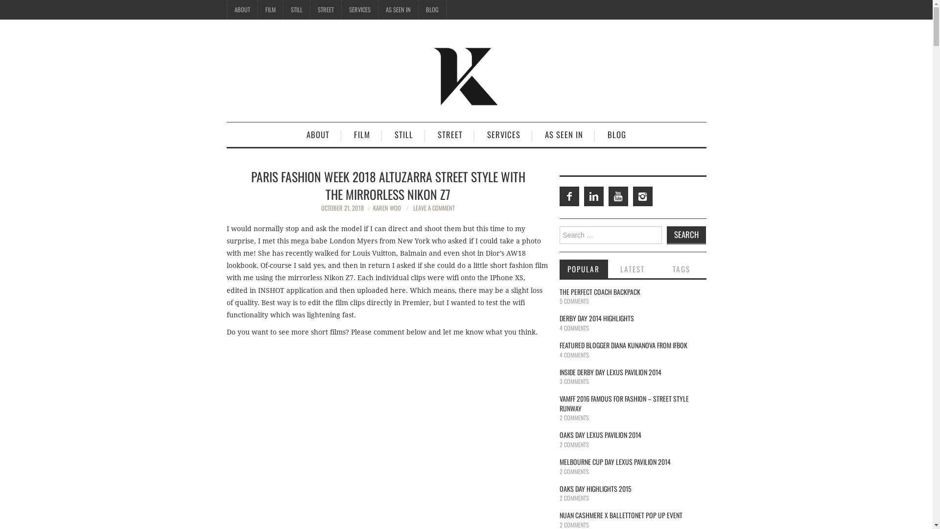  I want to click on 'YouTube', so click(608, 196).